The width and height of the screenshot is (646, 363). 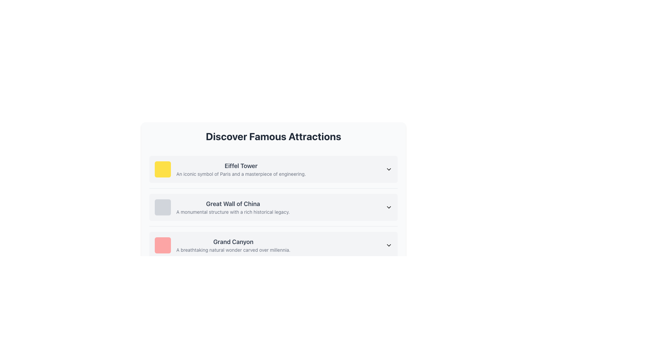 I want to click on the chevron icon, so click(x=389, y=169).